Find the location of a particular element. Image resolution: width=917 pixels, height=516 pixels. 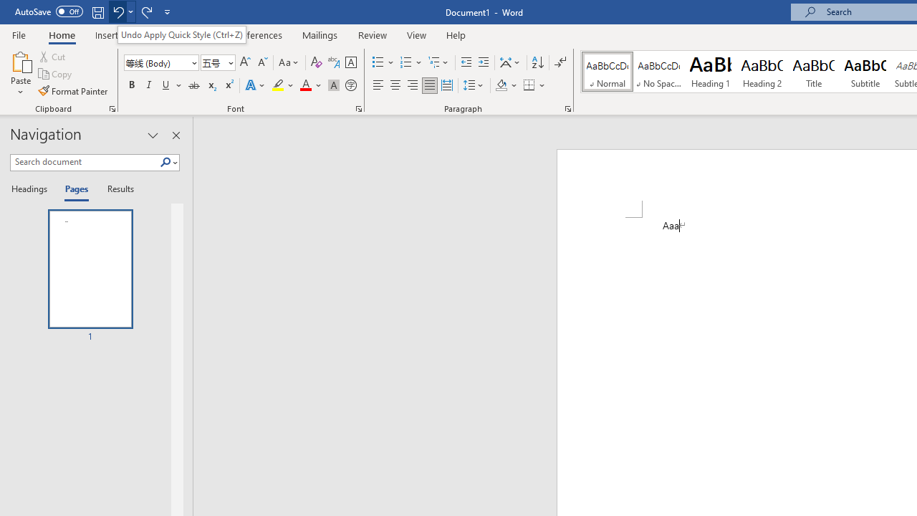

'Grow Font' is located at coordinates (245, 62).